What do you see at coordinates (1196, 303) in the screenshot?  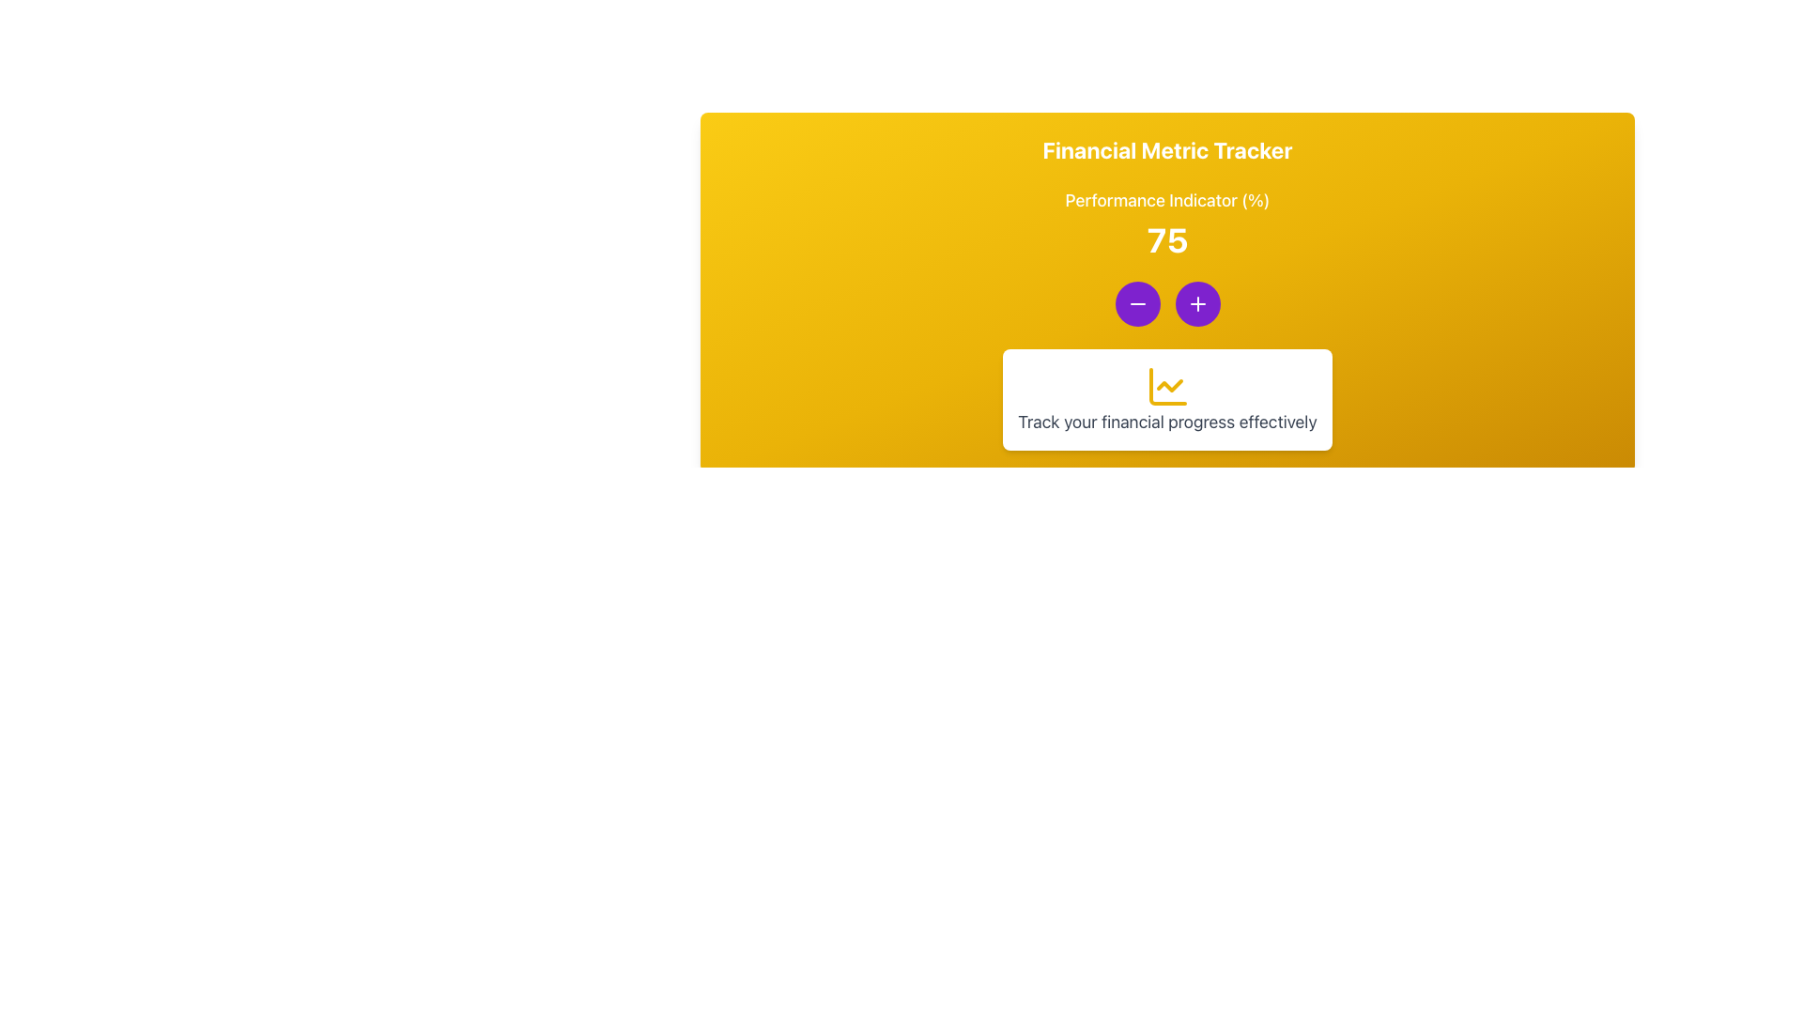 I see `the plus button located to the right of the minus button, which is part of the 'Performance Indicator (%)' section` at bounding box center [1196, 303].